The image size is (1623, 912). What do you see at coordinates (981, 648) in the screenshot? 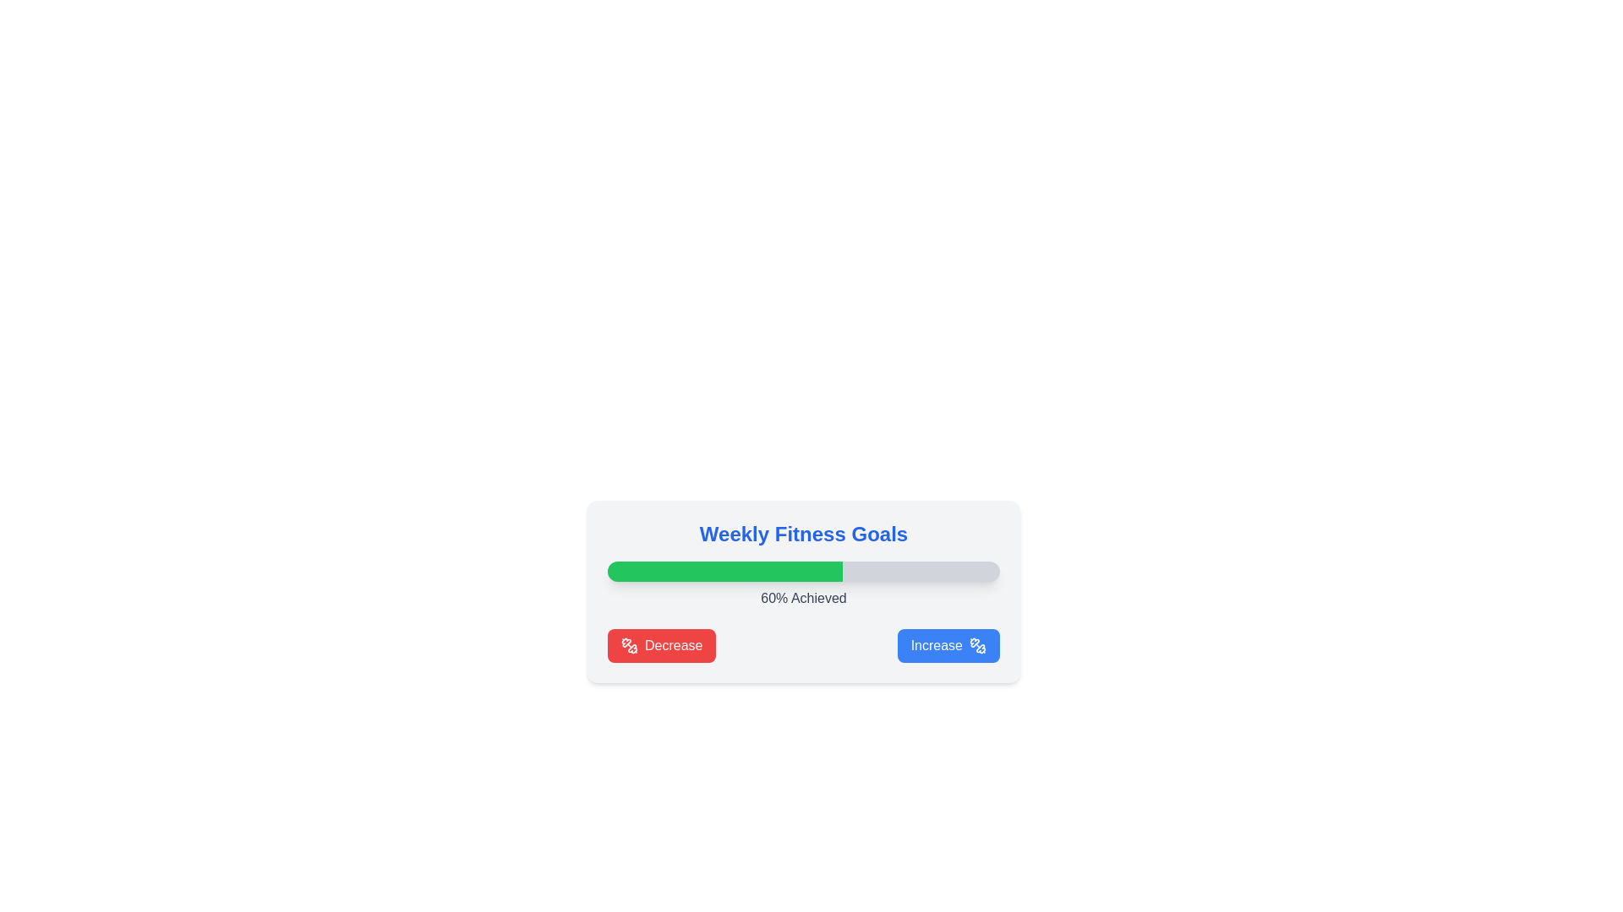
I see `the stylized dumbbell graphic within the SVG group on the right-hand side of the blue 'Increase' button` at bounding box center [981, 648].